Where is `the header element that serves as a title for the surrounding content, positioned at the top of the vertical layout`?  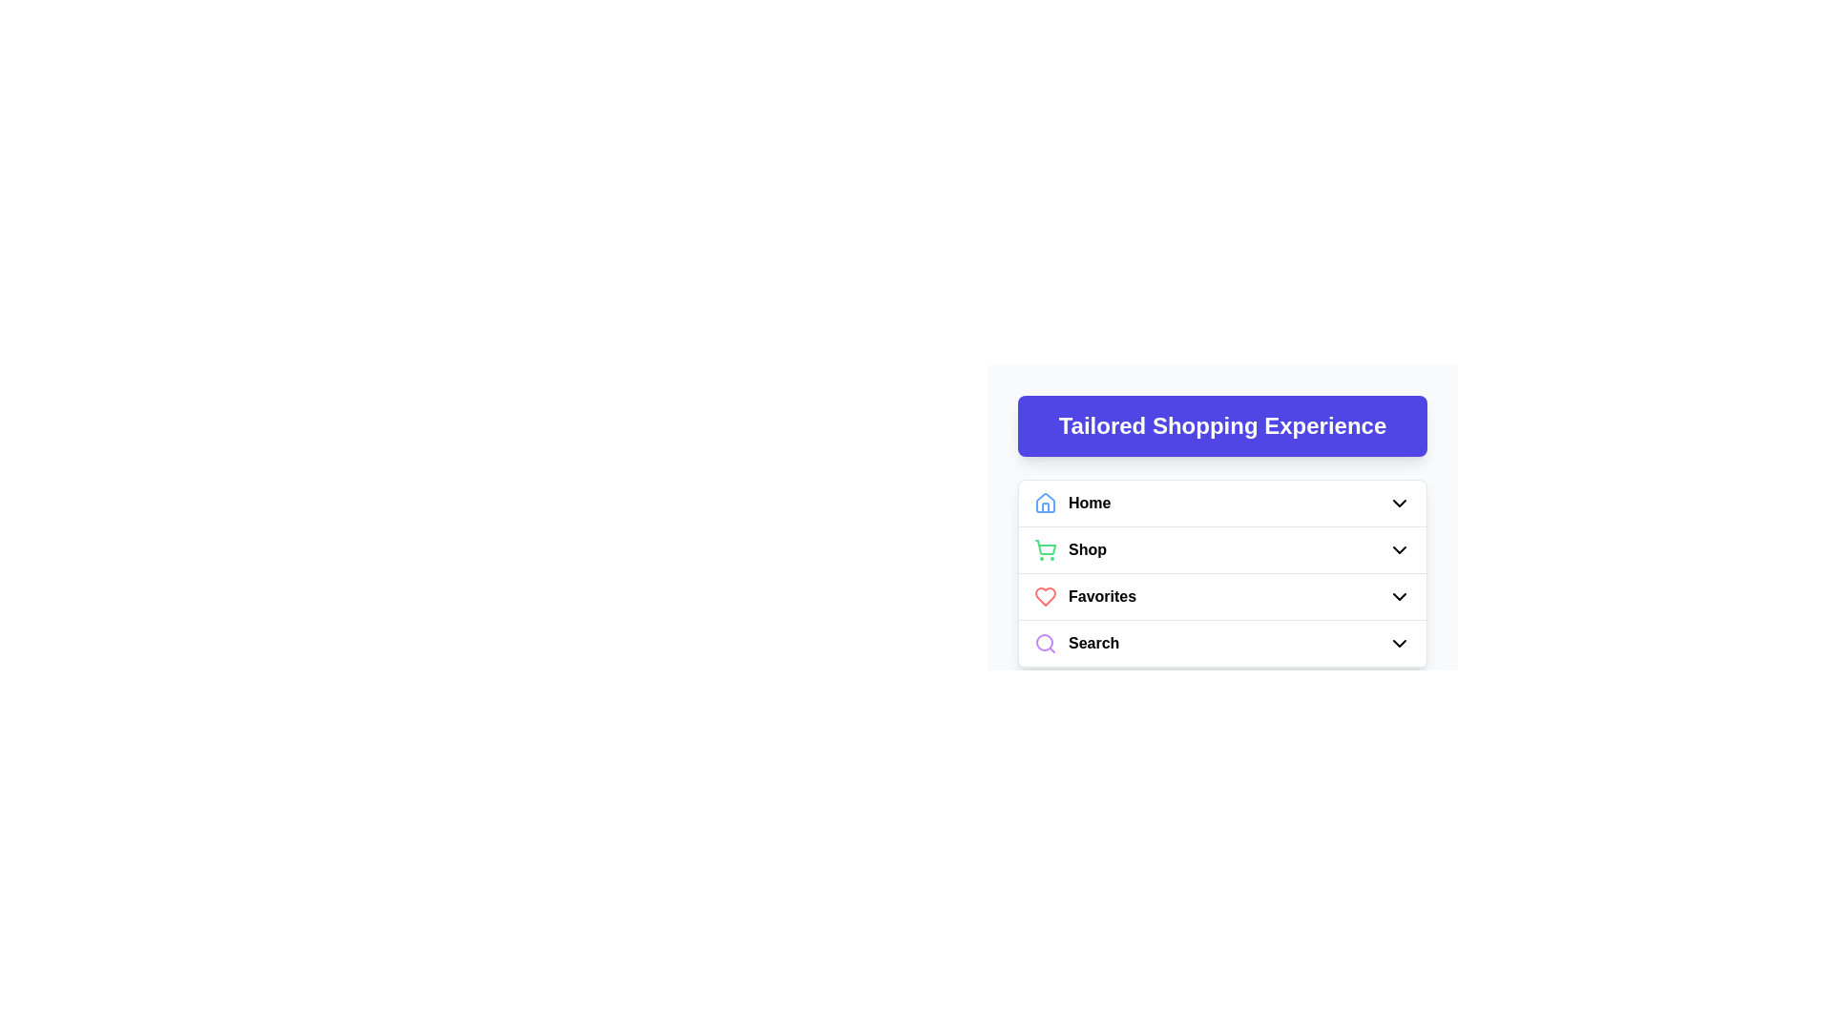 the header element that serves as a title for the surrounding content, positioned at the top of the vertical layout is located at coordinates (1222, 425).